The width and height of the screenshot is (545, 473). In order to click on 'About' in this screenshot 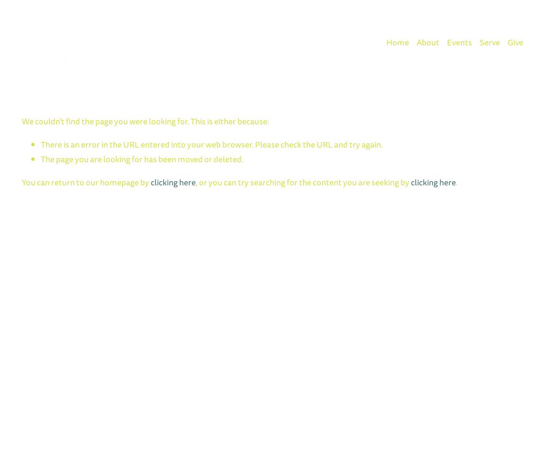, I will do `click(427, 41)`.